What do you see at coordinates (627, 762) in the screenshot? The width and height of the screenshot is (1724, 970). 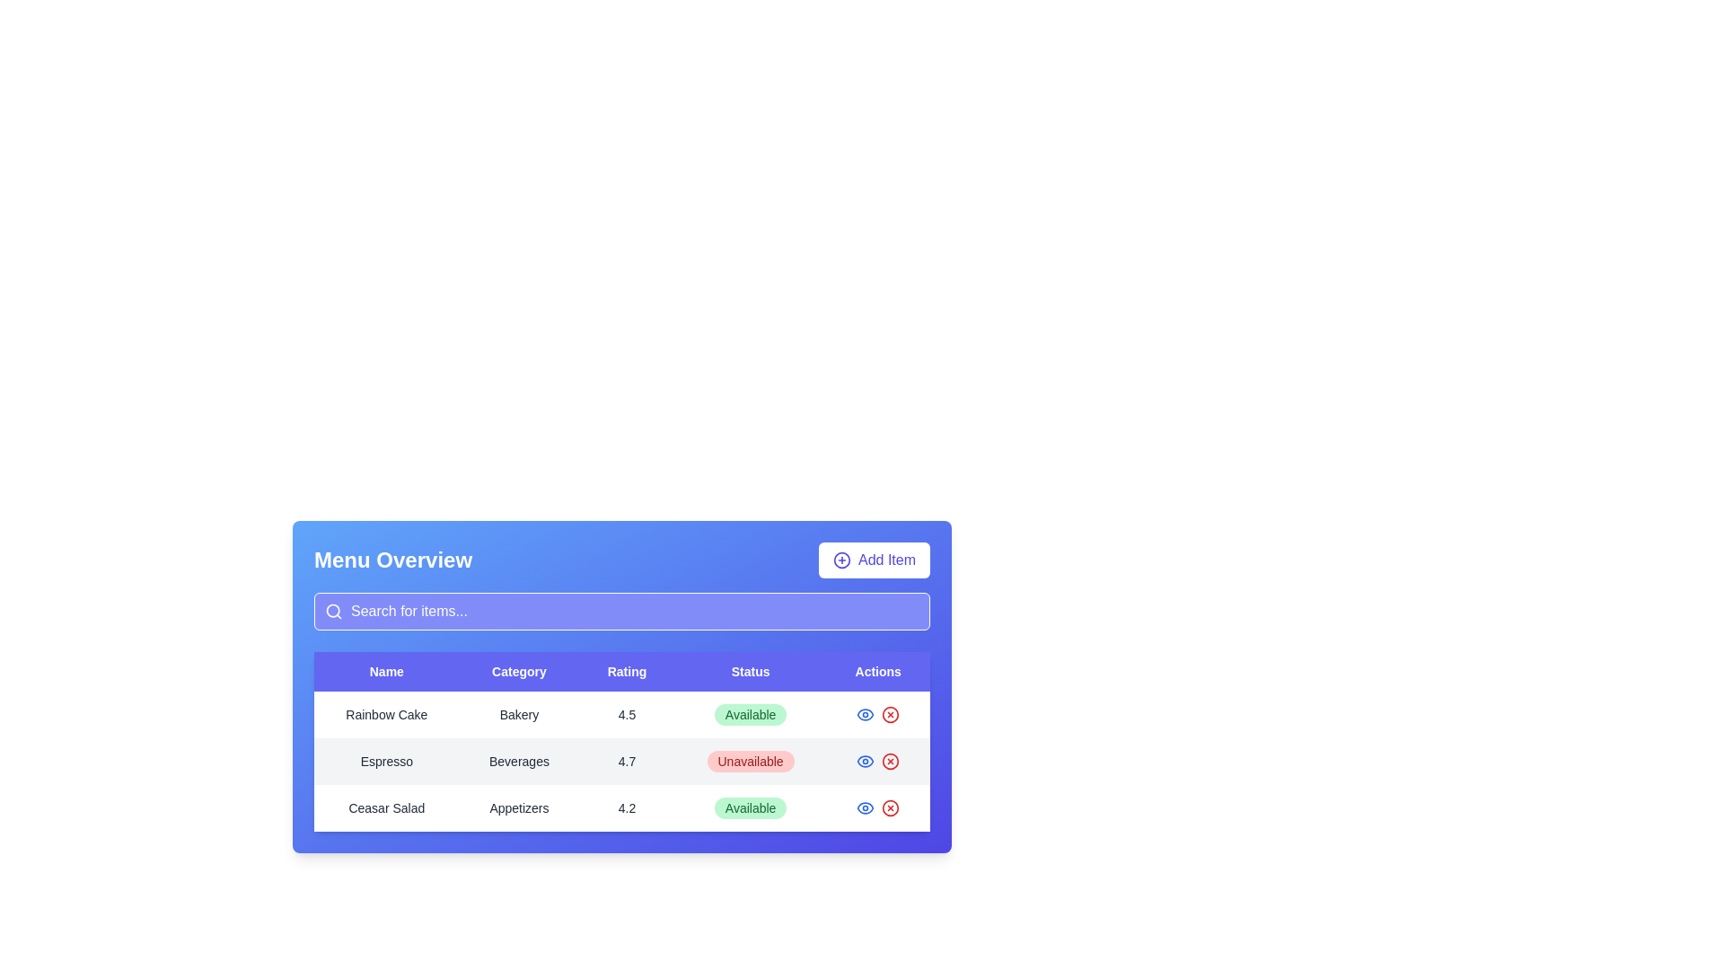 I see `the text element displaying the rating '4.7' for 'Espresso' in the second row and third column of the table` at bounding box center [627, 762].